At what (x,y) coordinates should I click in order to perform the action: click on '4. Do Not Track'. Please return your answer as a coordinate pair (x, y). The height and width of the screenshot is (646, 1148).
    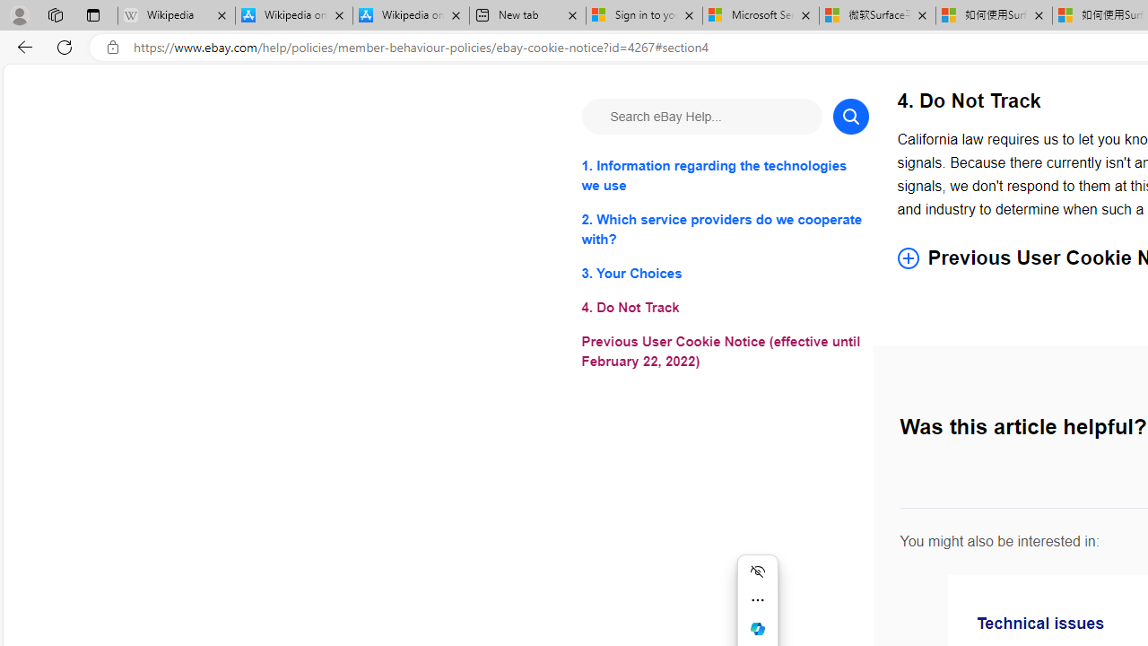
    Looking at the image, I should click on (725, 307).